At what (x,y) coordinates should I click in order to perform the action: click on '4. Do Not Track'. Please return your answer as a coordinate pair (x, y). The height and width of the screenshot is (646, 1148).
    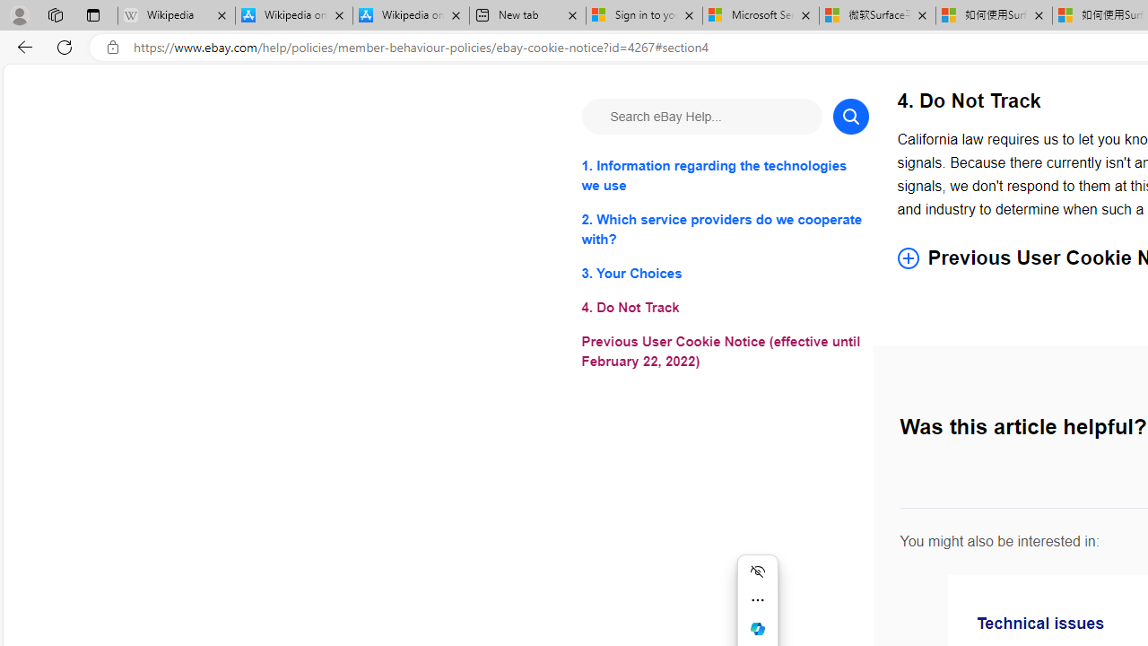
    Looking at the image, I should click on (725, 307).